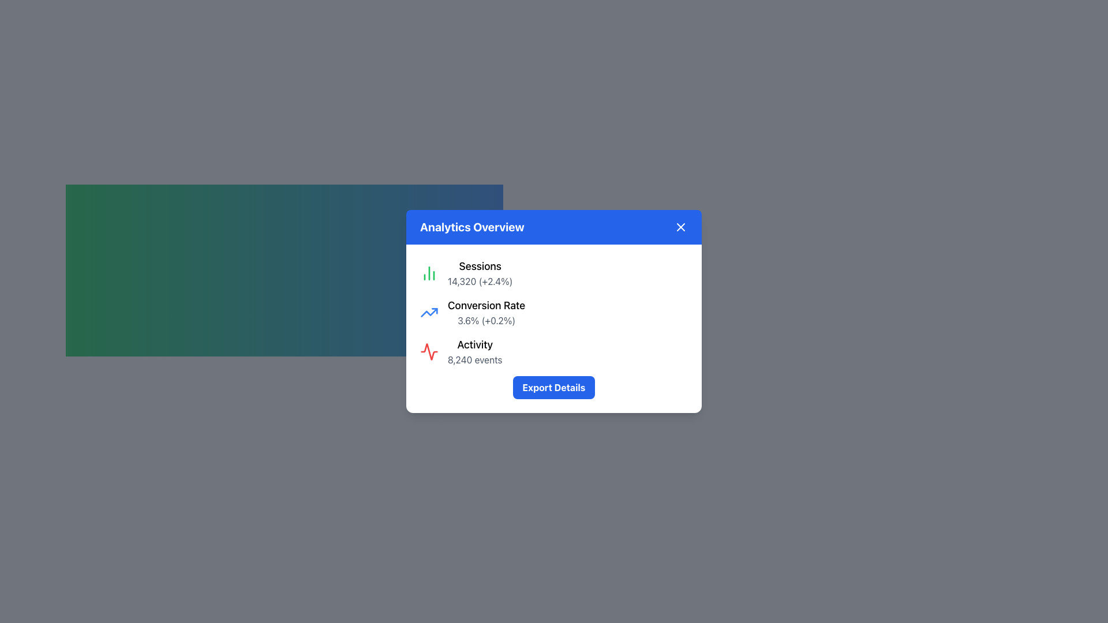  I want to click on the 'Activity' analytics icon located on the third line of content within the analytics data box, directly to the left of the 'Activity' label text, so click(429, 351).